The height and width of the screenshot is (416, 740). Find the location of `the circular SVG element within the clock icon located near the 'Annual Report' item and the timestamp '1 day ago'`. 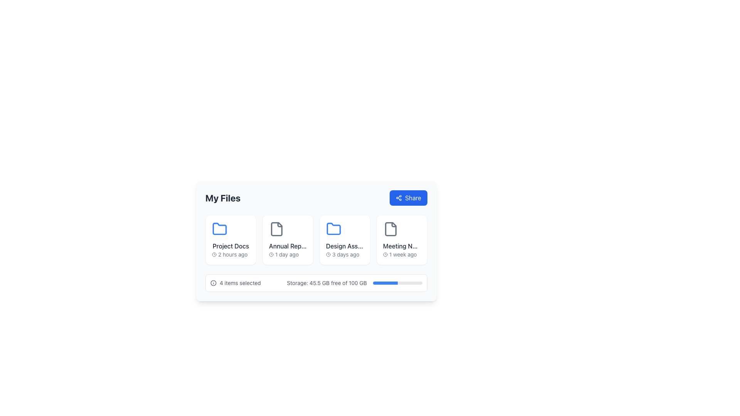

the circular SVG element within the clock icon located near the 'Annual Report' item and the timestamp '1 day ago' is located at coordinates (271, 254).